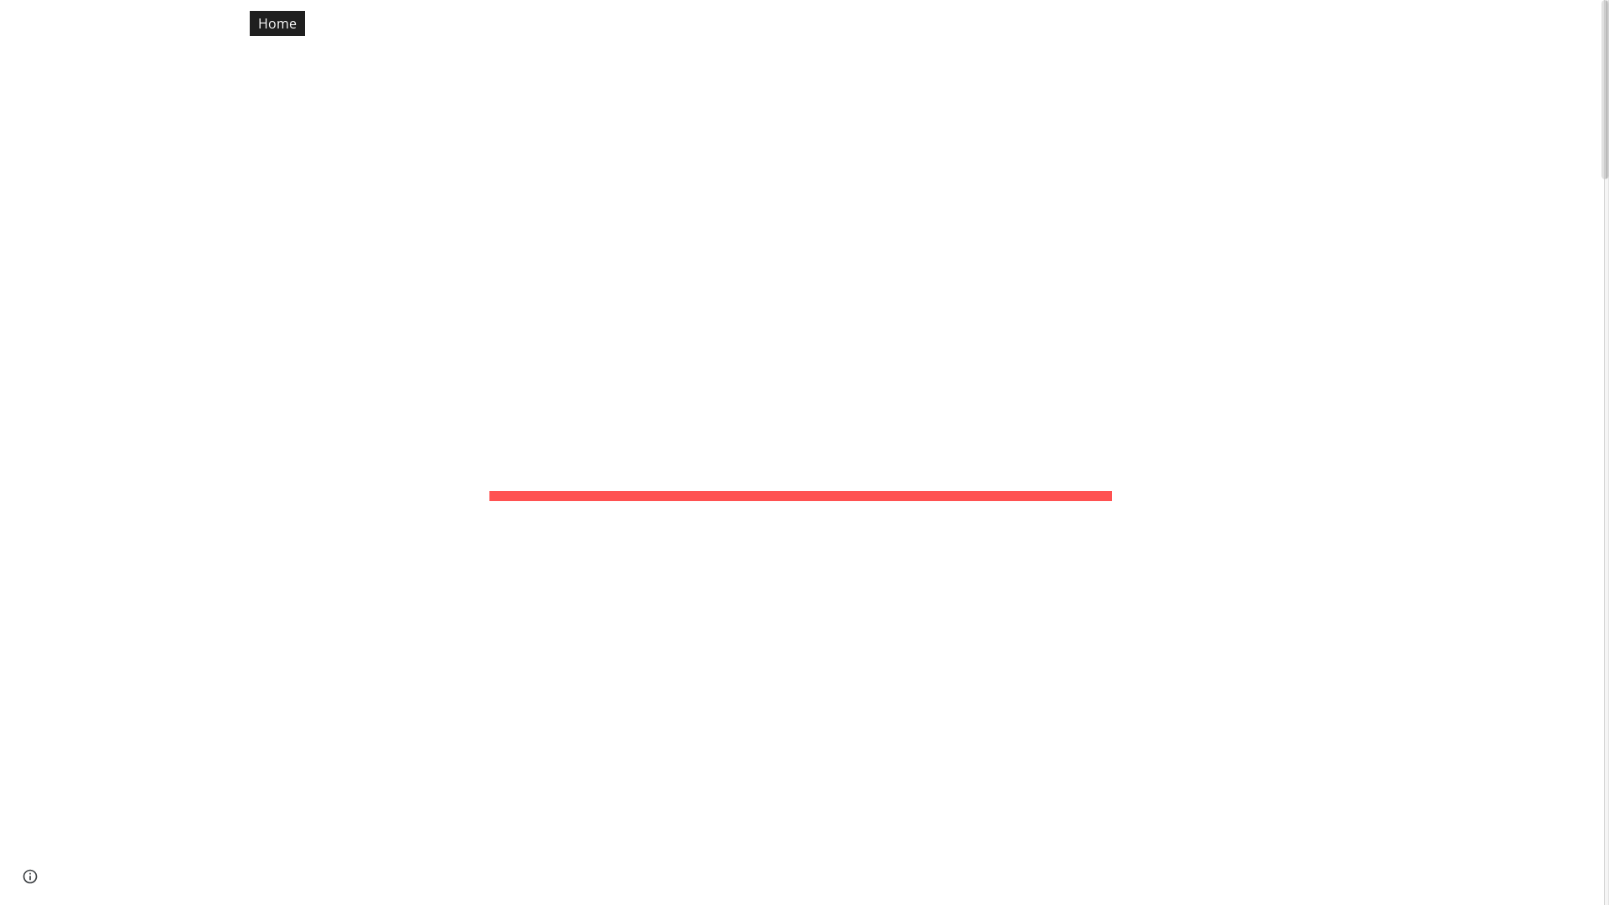 This screenshot has height=905, width=1609. I want to click on 'Why Act', so click(1408, 23).